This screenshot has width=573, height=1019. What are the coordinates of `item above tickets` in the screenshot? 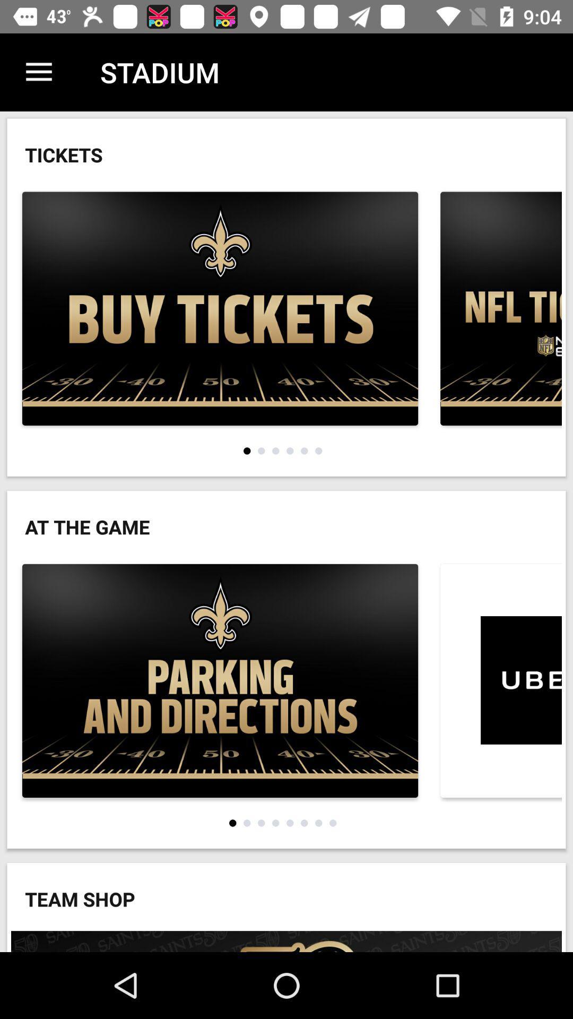 It's located at (38, 72).